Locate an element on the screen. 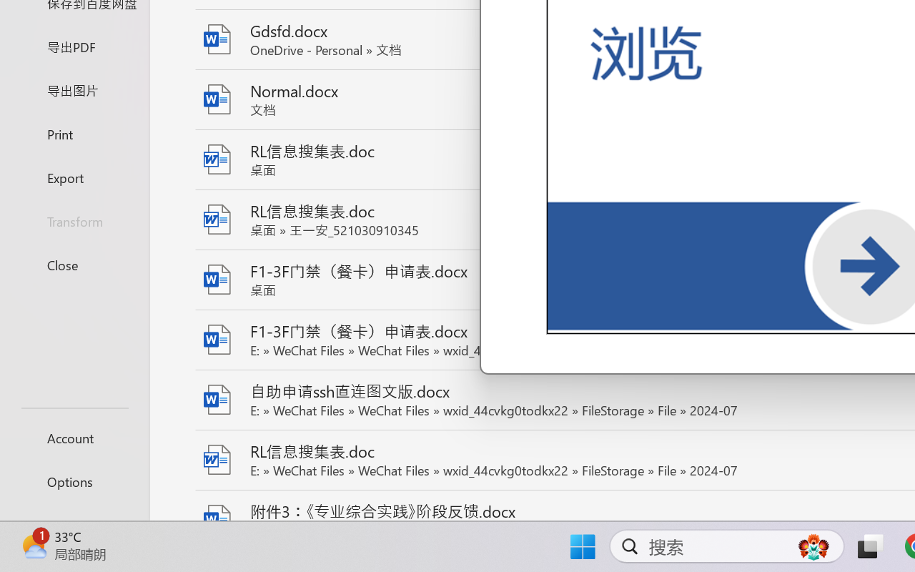 This screenshot has width=915, height=572. 'Print' is located at coordinates (74, 133).